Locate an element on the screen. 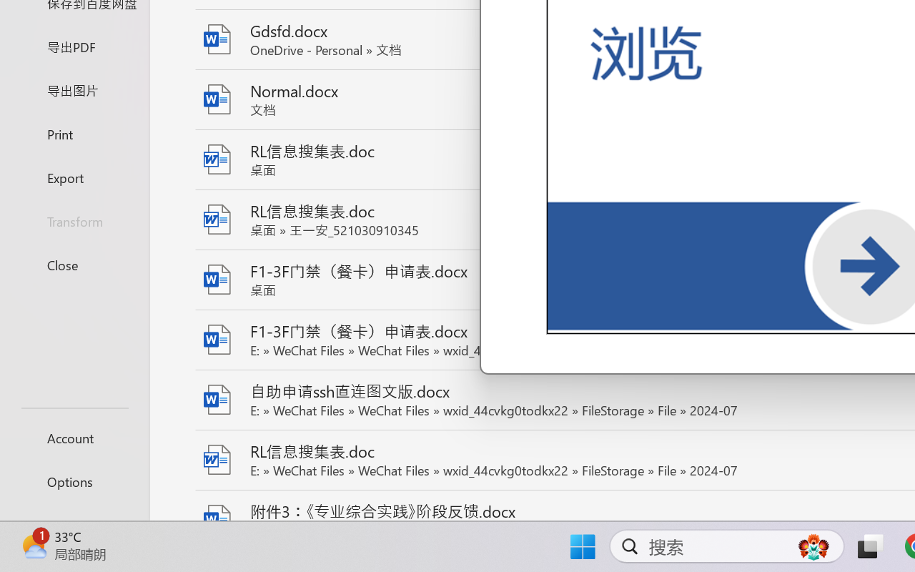 This screenshot has width=915, height=572. 'Print' is located at coordinates (74, 133).